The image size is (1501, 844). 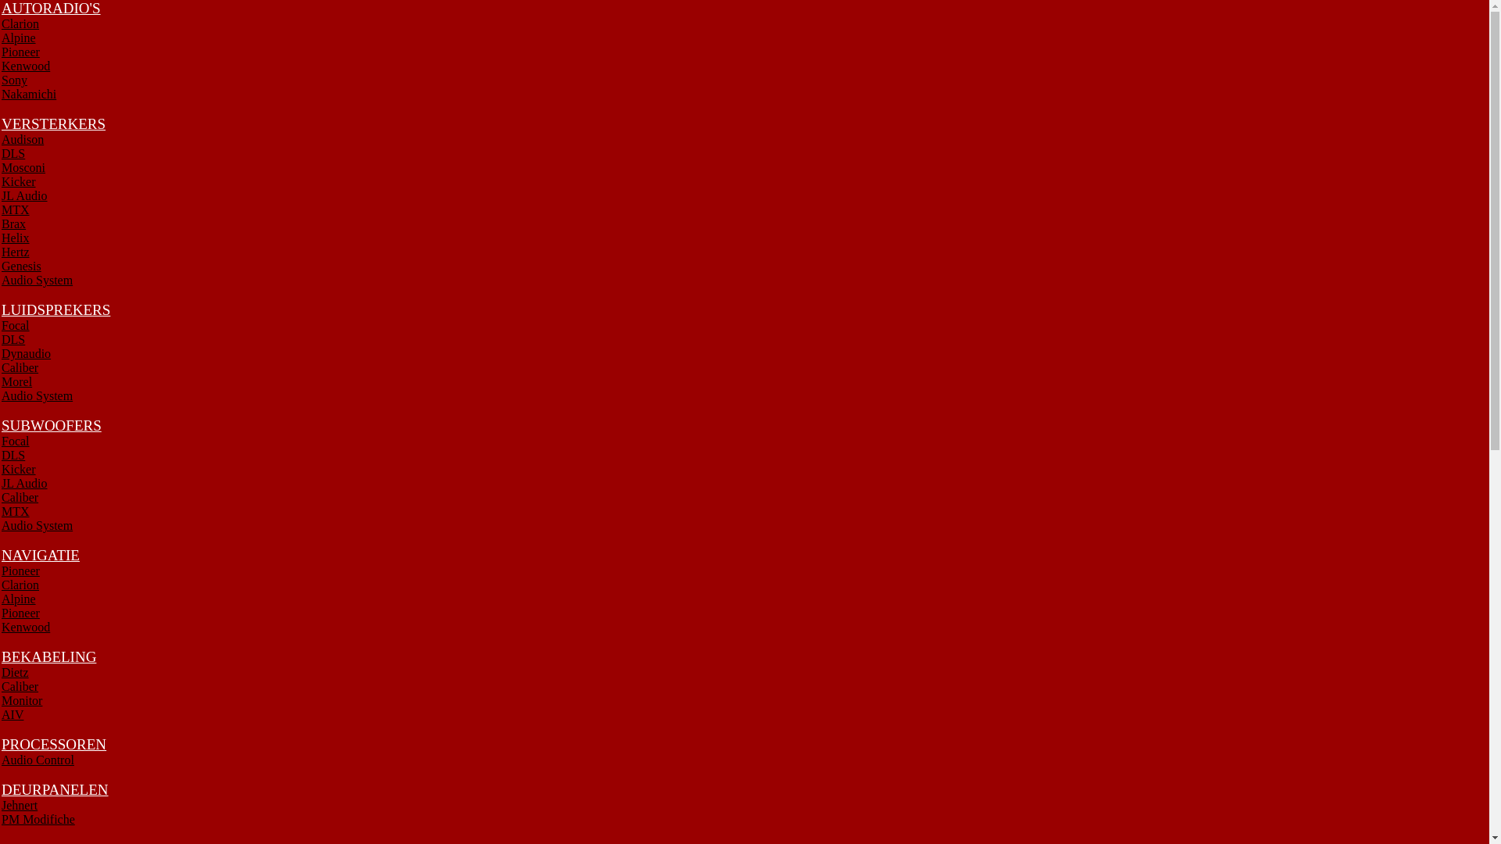 I want to click on 'Caliber', so click(x=20, y=685).